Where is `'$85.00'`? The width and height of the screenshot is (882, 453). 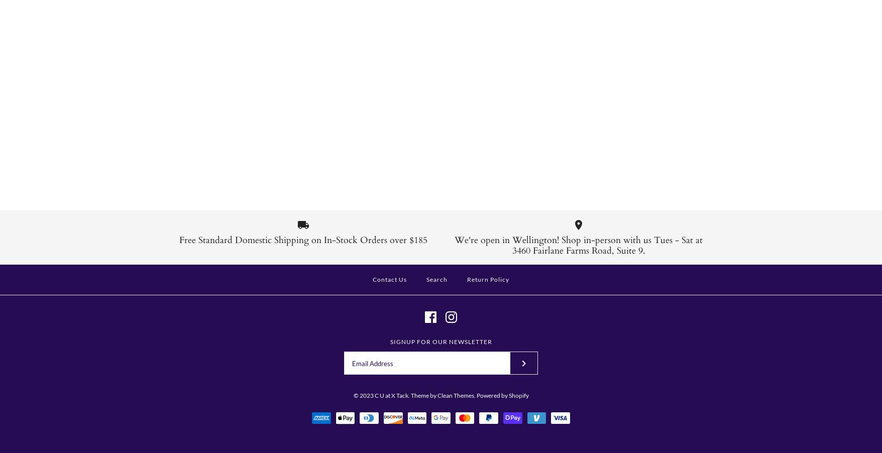
'$85.00' is located at coordinates (371, 158).